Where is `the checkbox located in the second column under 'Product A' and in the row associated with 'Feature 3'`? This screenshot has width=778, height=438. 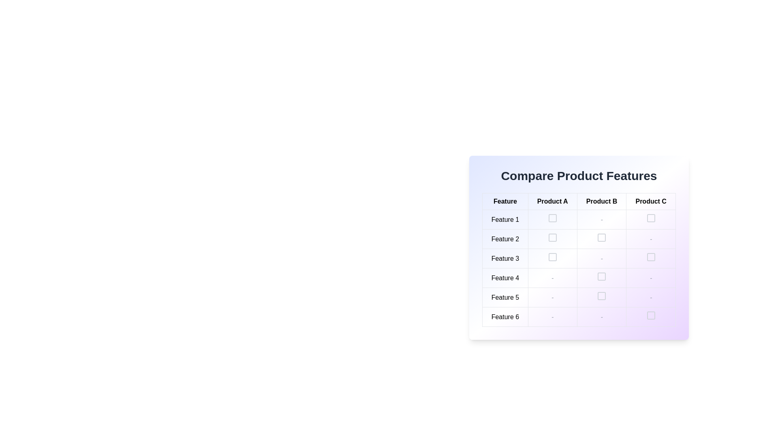 the checkbox located in the second column under 'Product A' and in the row associated with 'Feature 3' is located at coordinates (552, 257).